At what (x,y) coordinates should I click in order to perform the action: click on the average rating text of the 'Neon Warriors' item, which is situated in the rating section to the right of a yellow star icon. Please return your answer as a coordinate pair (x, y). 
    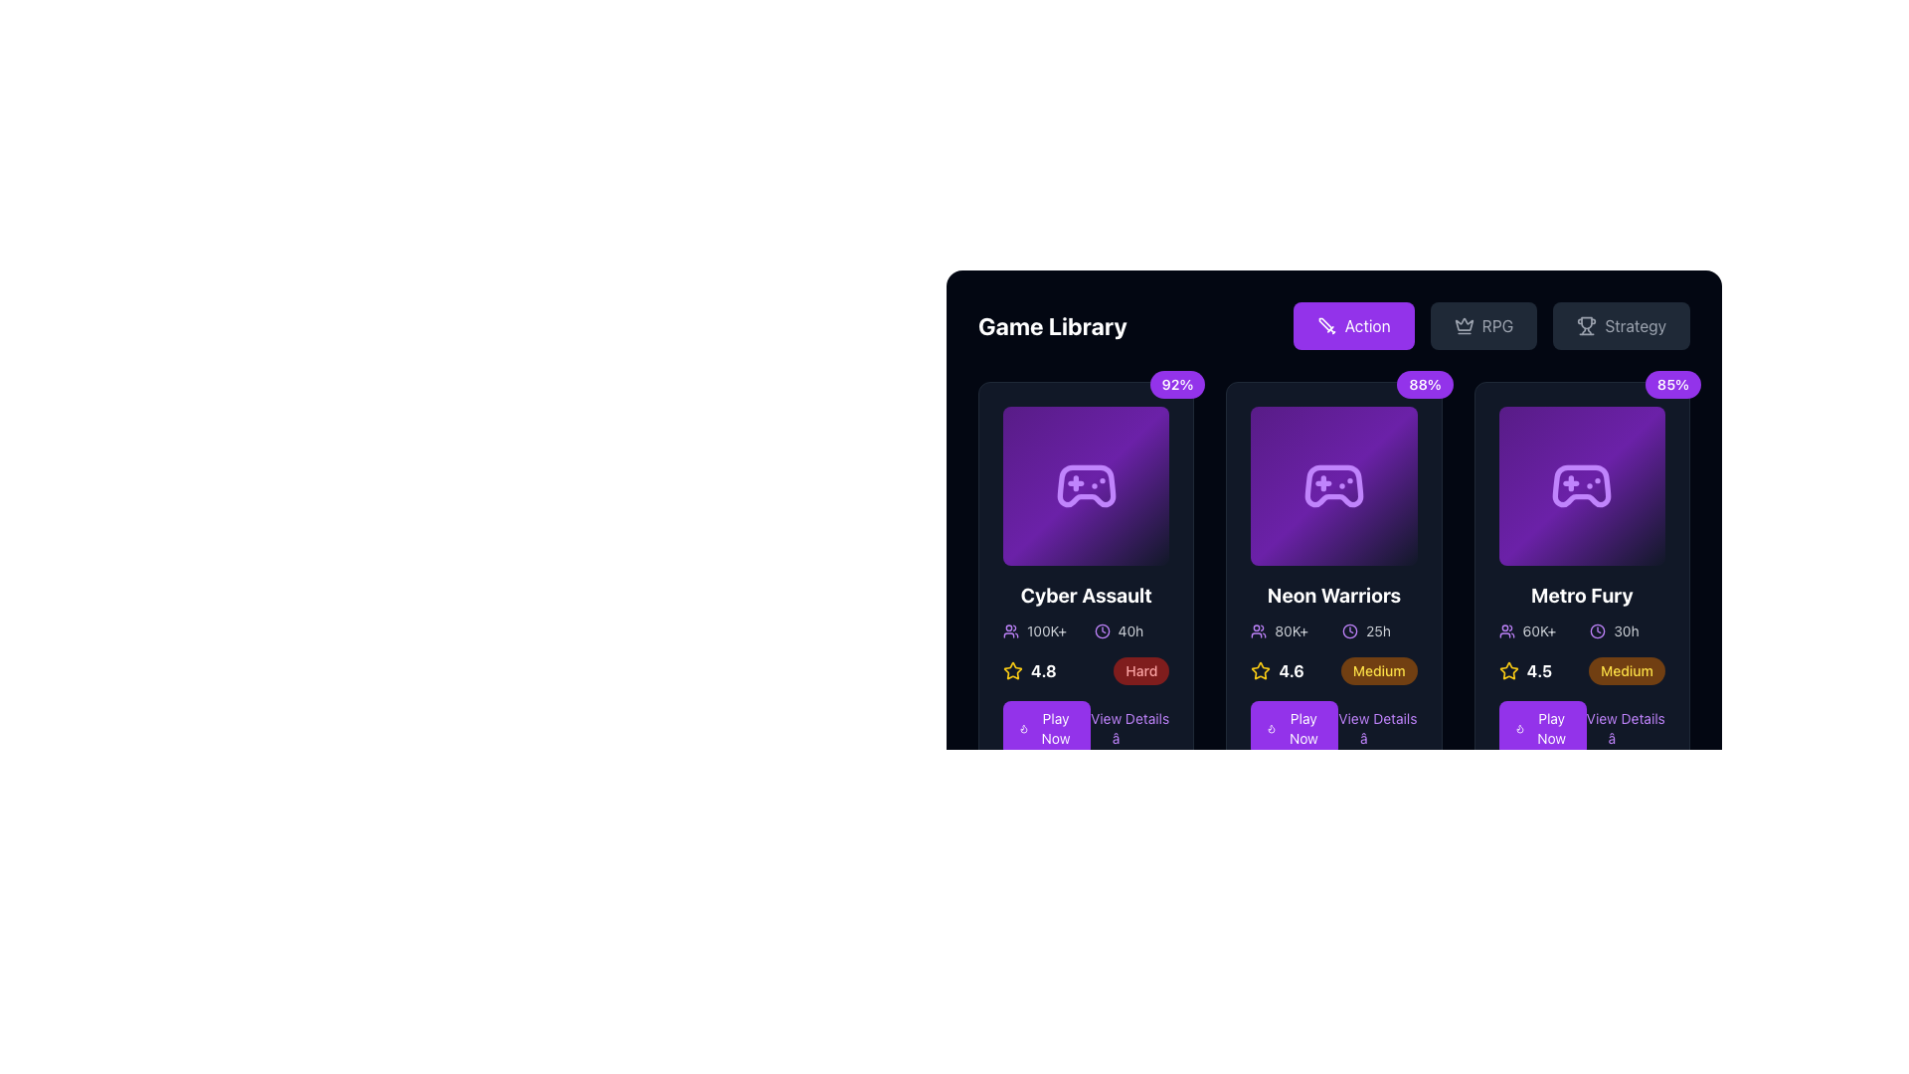
    Looking at the image, I should click on (1292, 671).